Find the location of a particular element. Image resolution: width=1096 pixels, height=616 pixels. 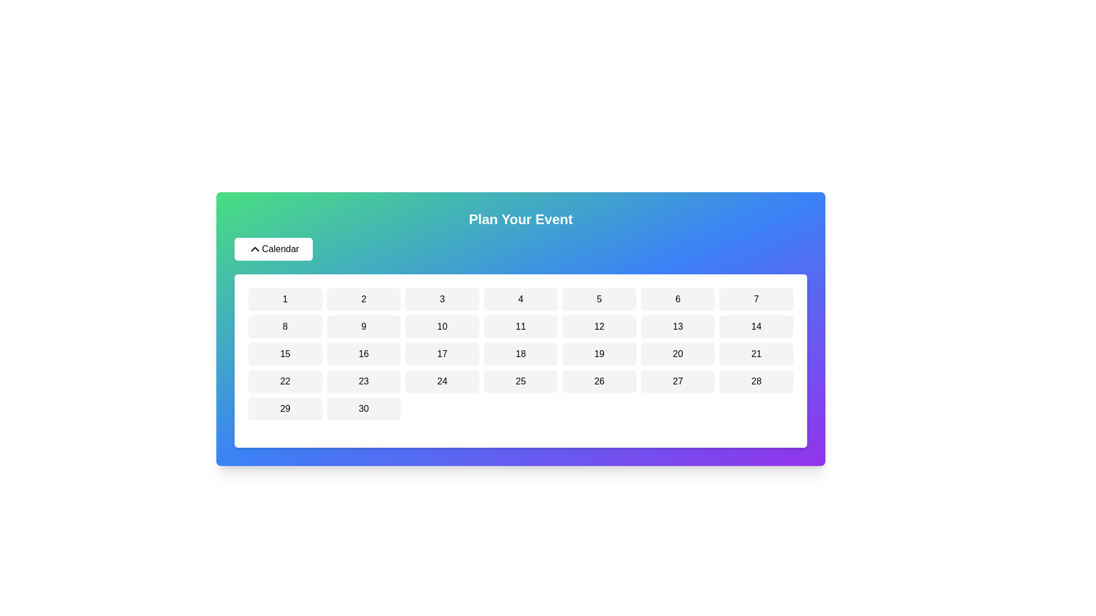

the collapsible/expandable toggle icon located at the top center of the 'Calendar' button is located at coordinates (254, 248).